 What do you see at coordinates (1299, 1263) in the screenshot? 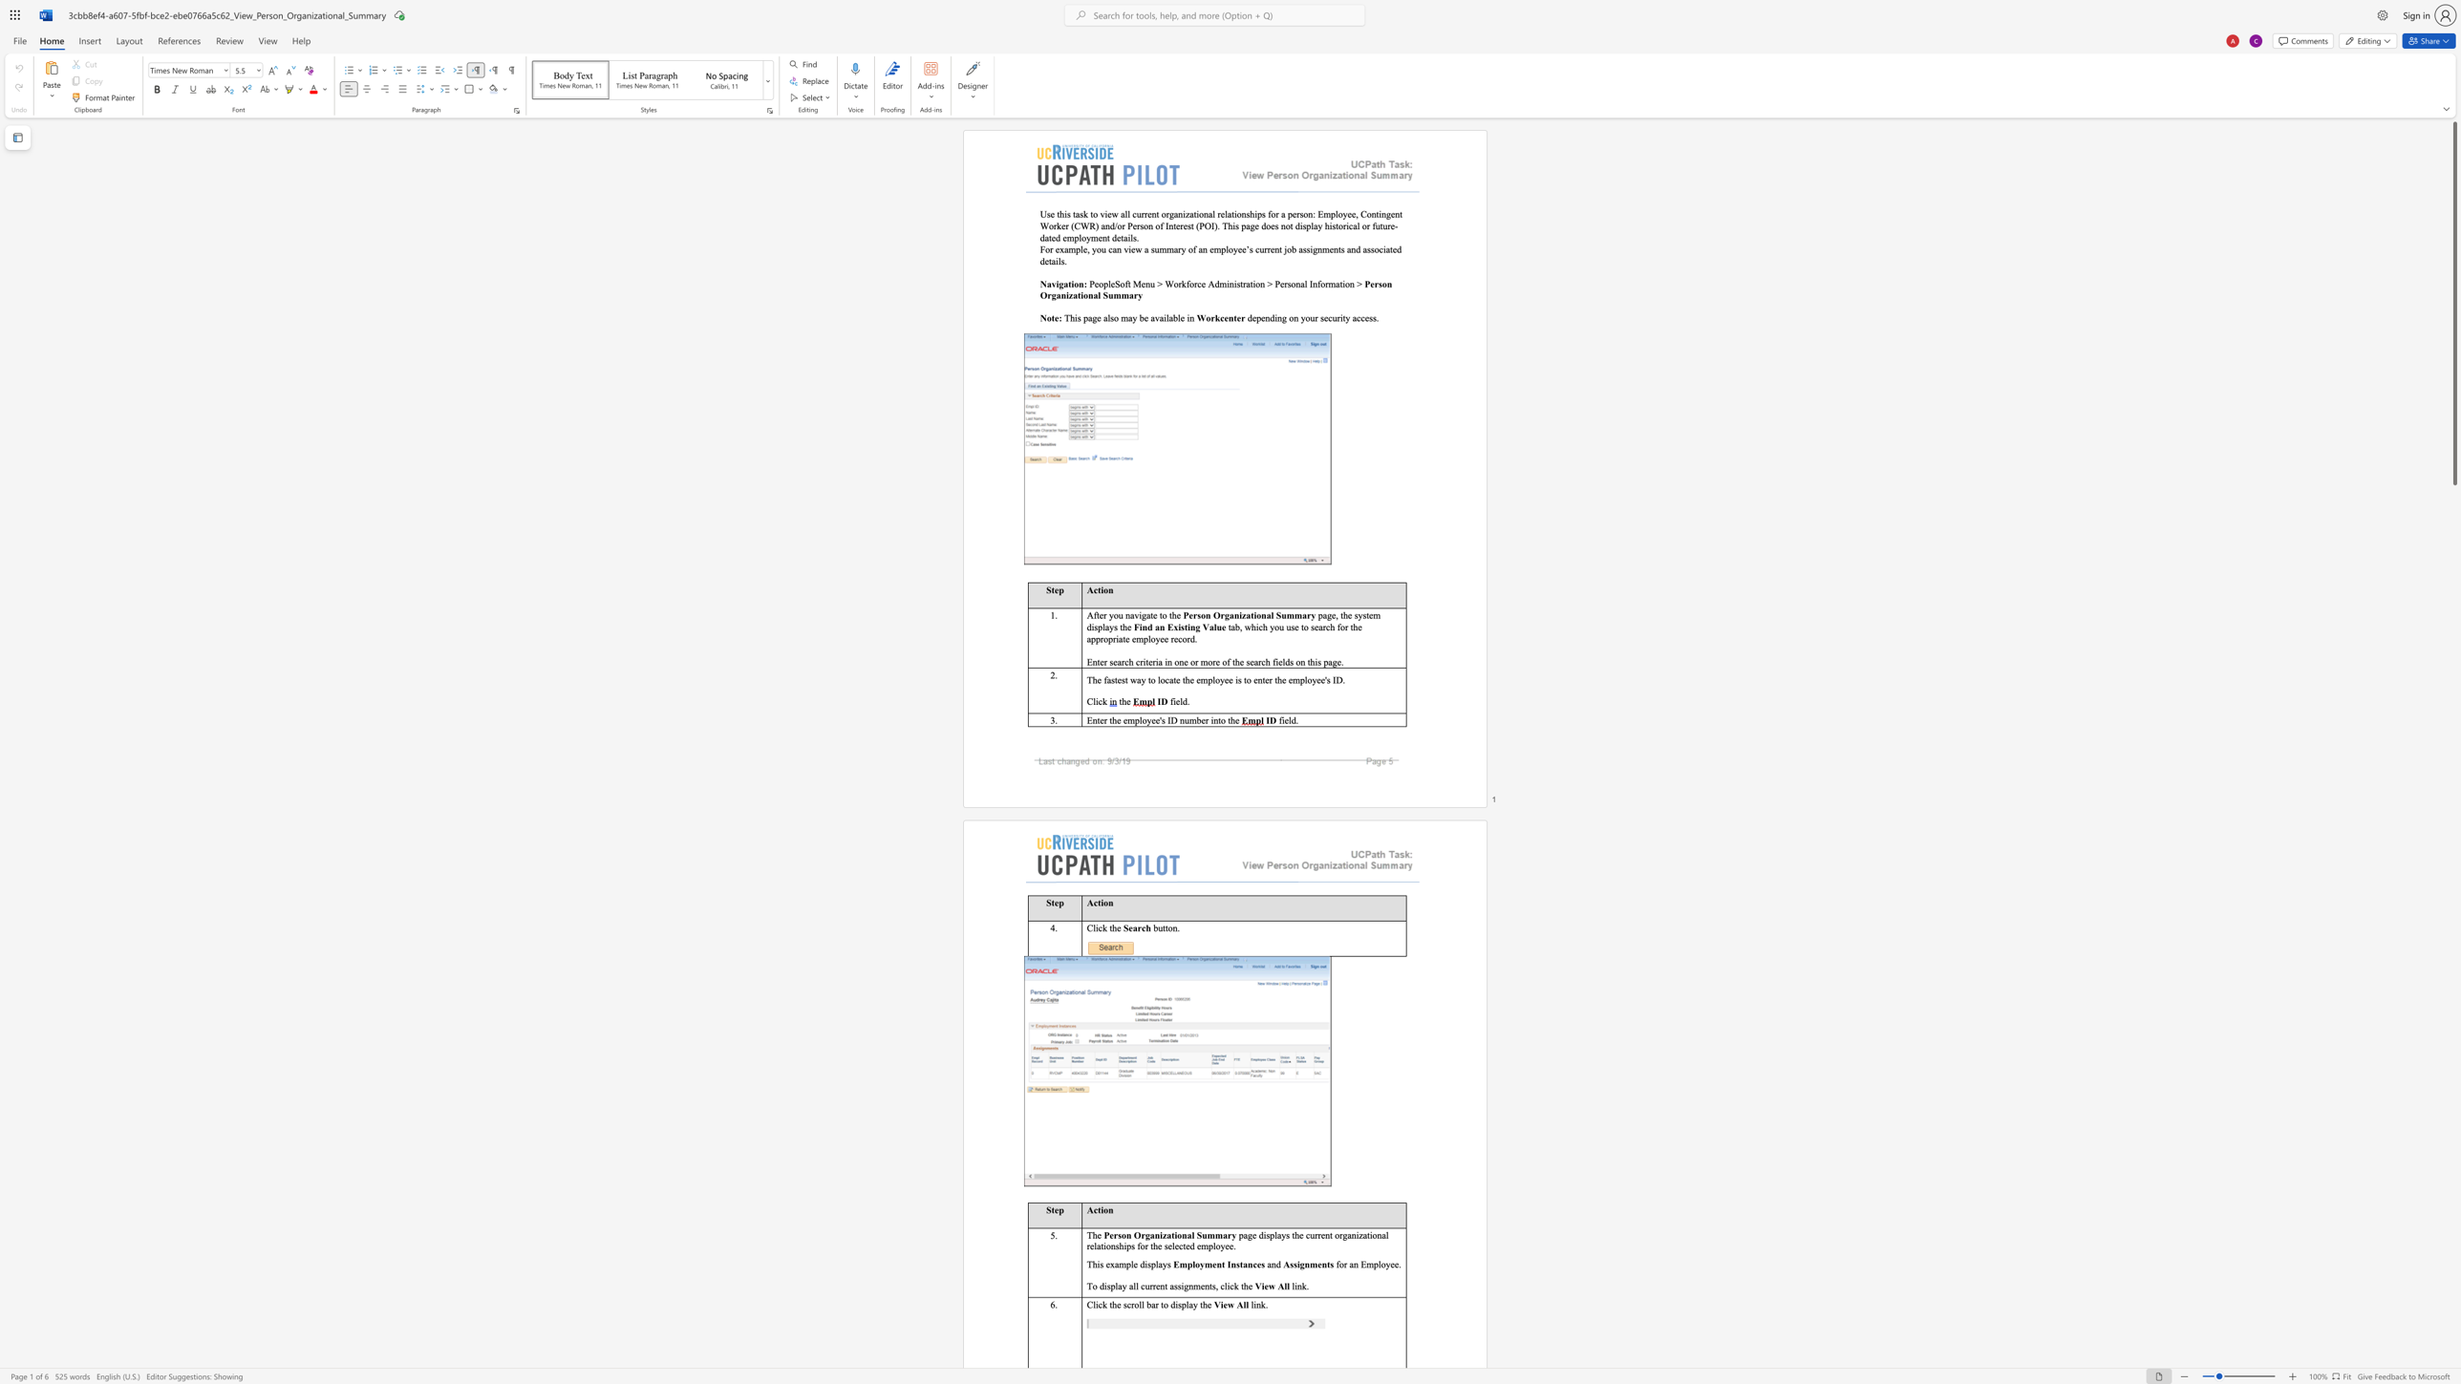
I see `the subset text "gn" within the text "Assignments"` at bounding box center [1299, 1263].